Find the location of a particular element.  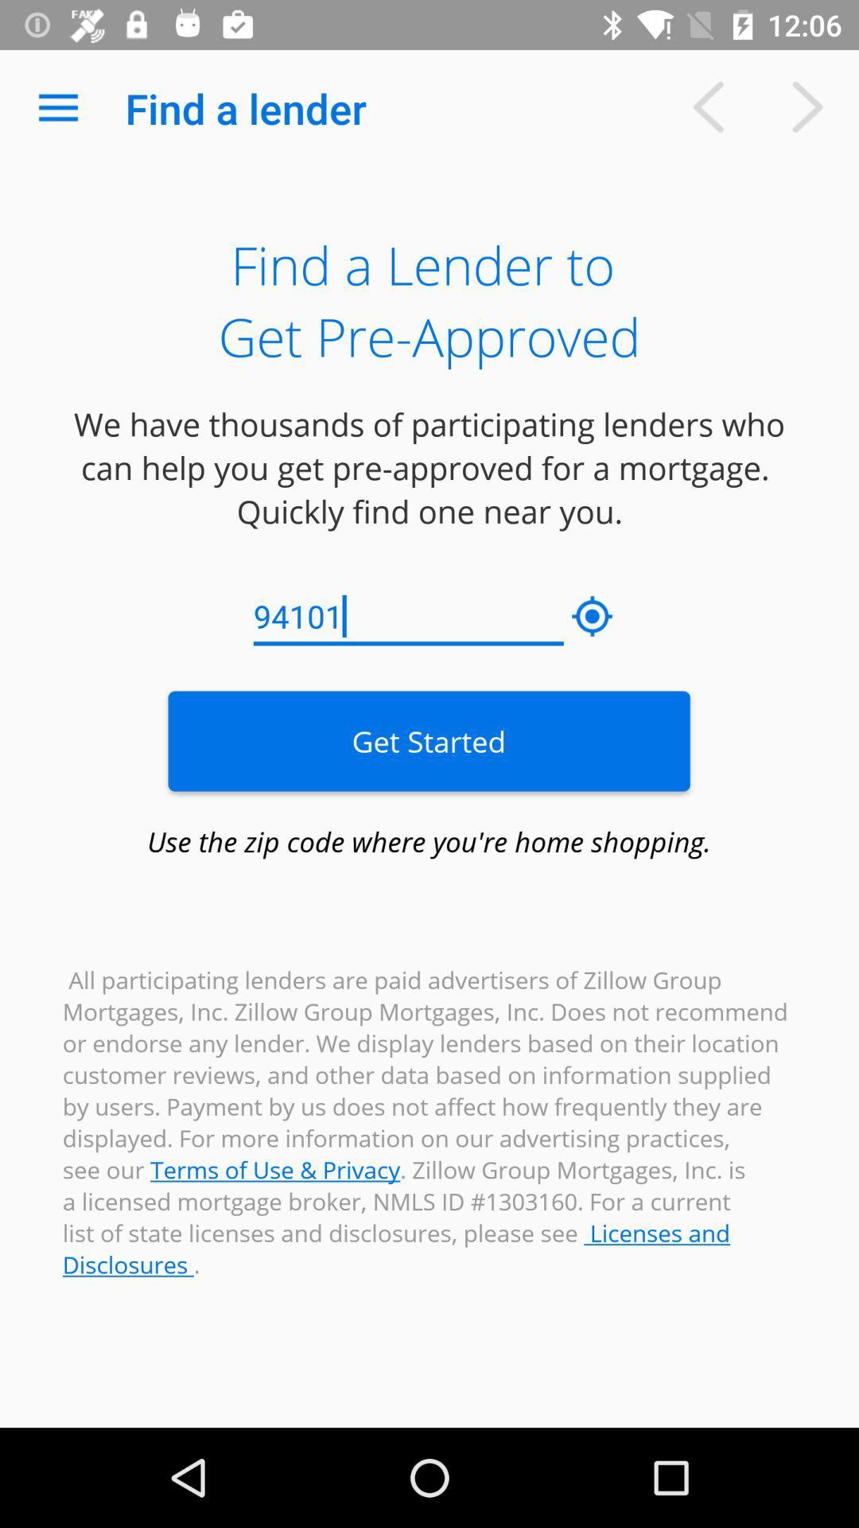

get started is located at coordinates (428, 740).